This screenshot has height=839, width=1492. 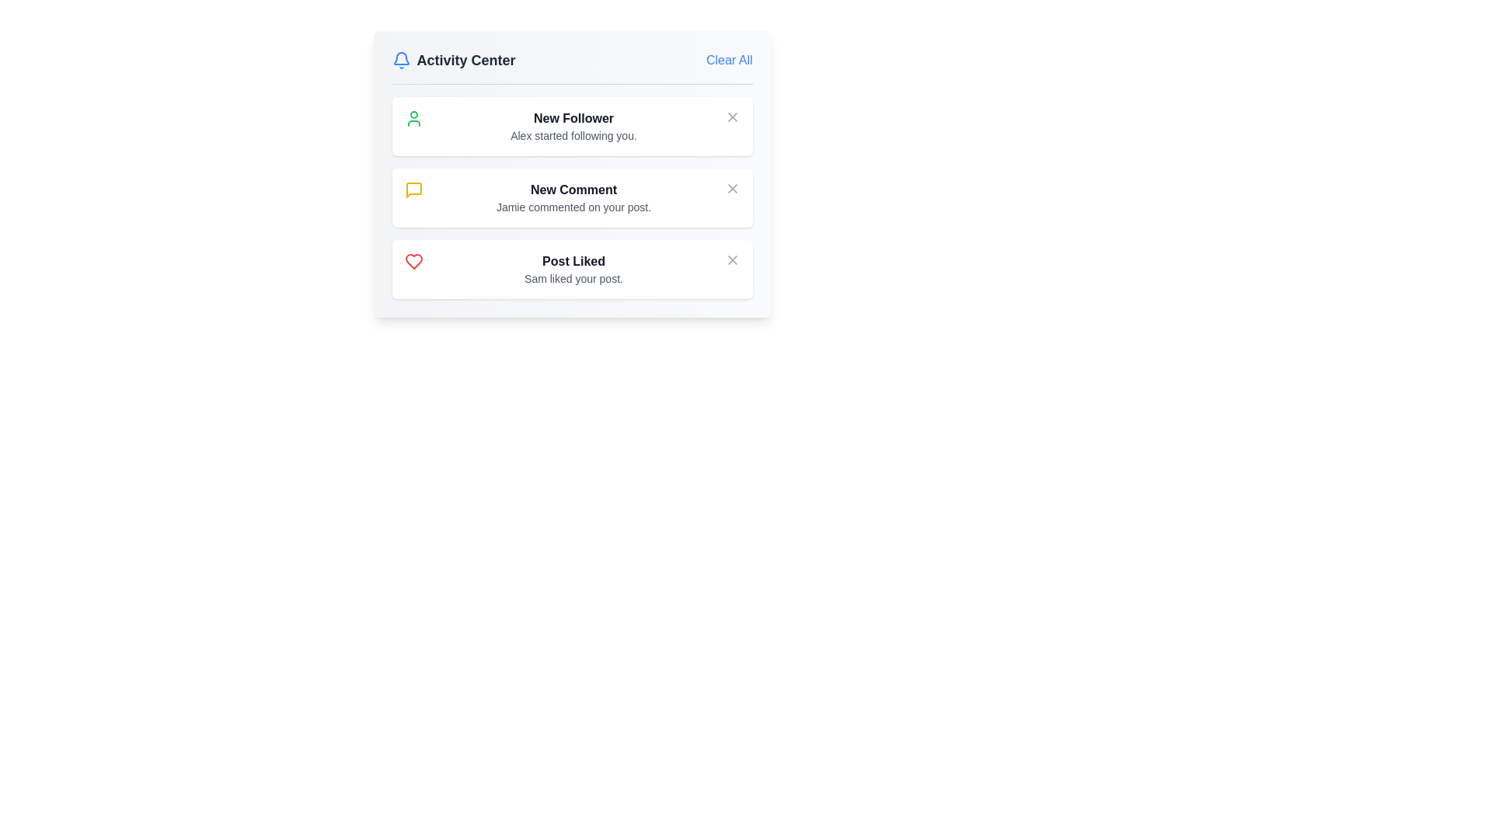 I want to click on the Notification card that informs the user that Sam liked their post, located in the third position within the 'Activity Center' layout, so click(x=571, y=269).